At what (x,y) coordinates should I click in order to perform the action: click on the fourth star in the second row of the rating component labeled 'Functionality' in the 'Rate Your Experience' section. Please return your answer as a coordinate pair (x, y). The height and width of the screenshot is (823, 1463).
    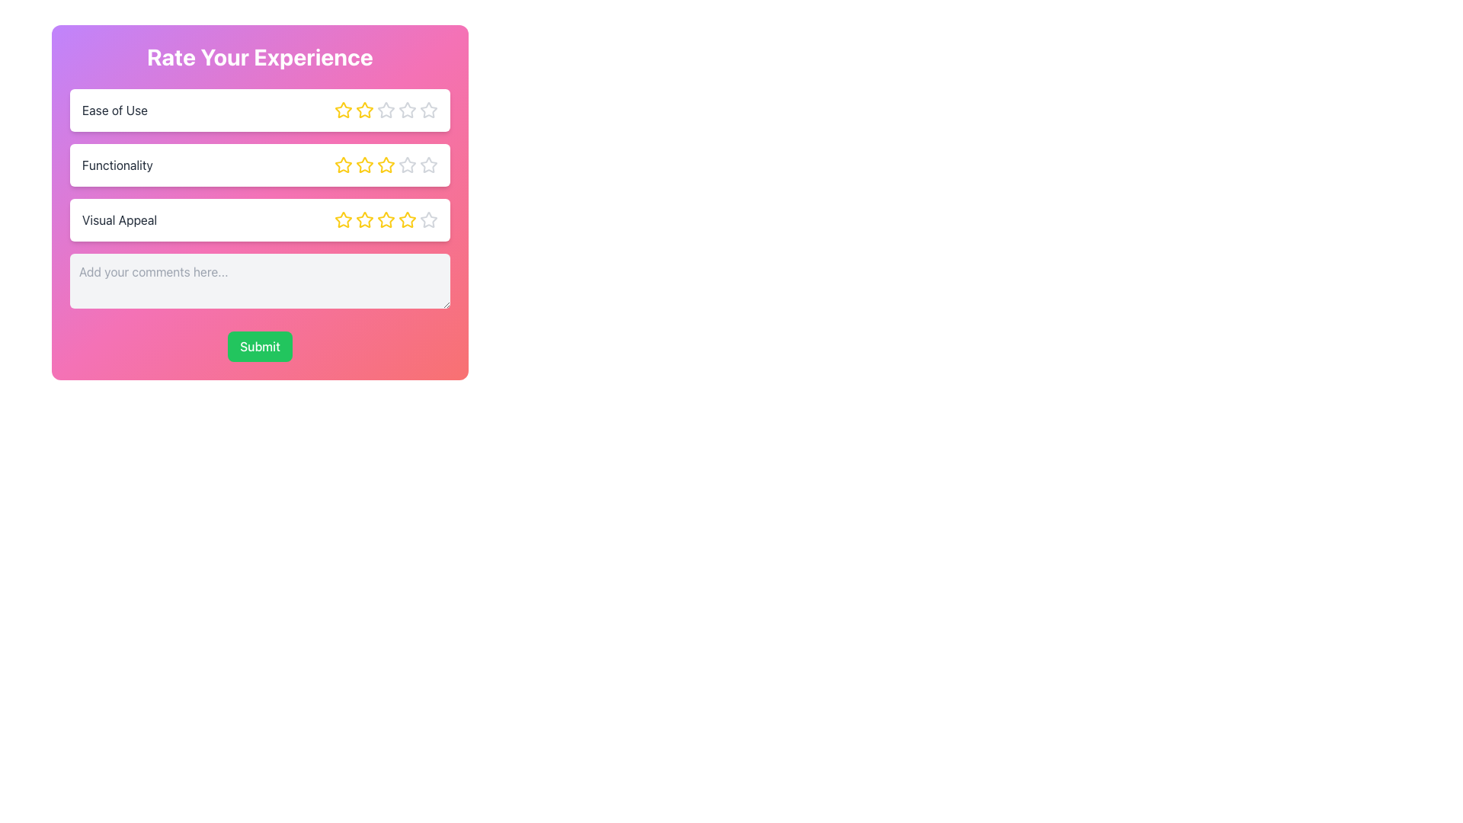
    Looking at the image, I should click on (386, 165).